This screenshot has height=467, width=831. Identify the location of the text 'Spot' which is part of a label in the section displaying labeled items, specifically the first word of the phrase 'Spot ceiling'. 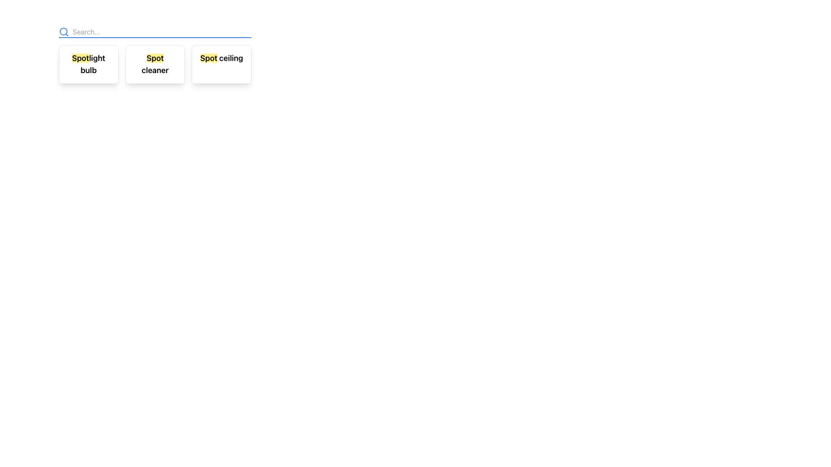
(209, 58).